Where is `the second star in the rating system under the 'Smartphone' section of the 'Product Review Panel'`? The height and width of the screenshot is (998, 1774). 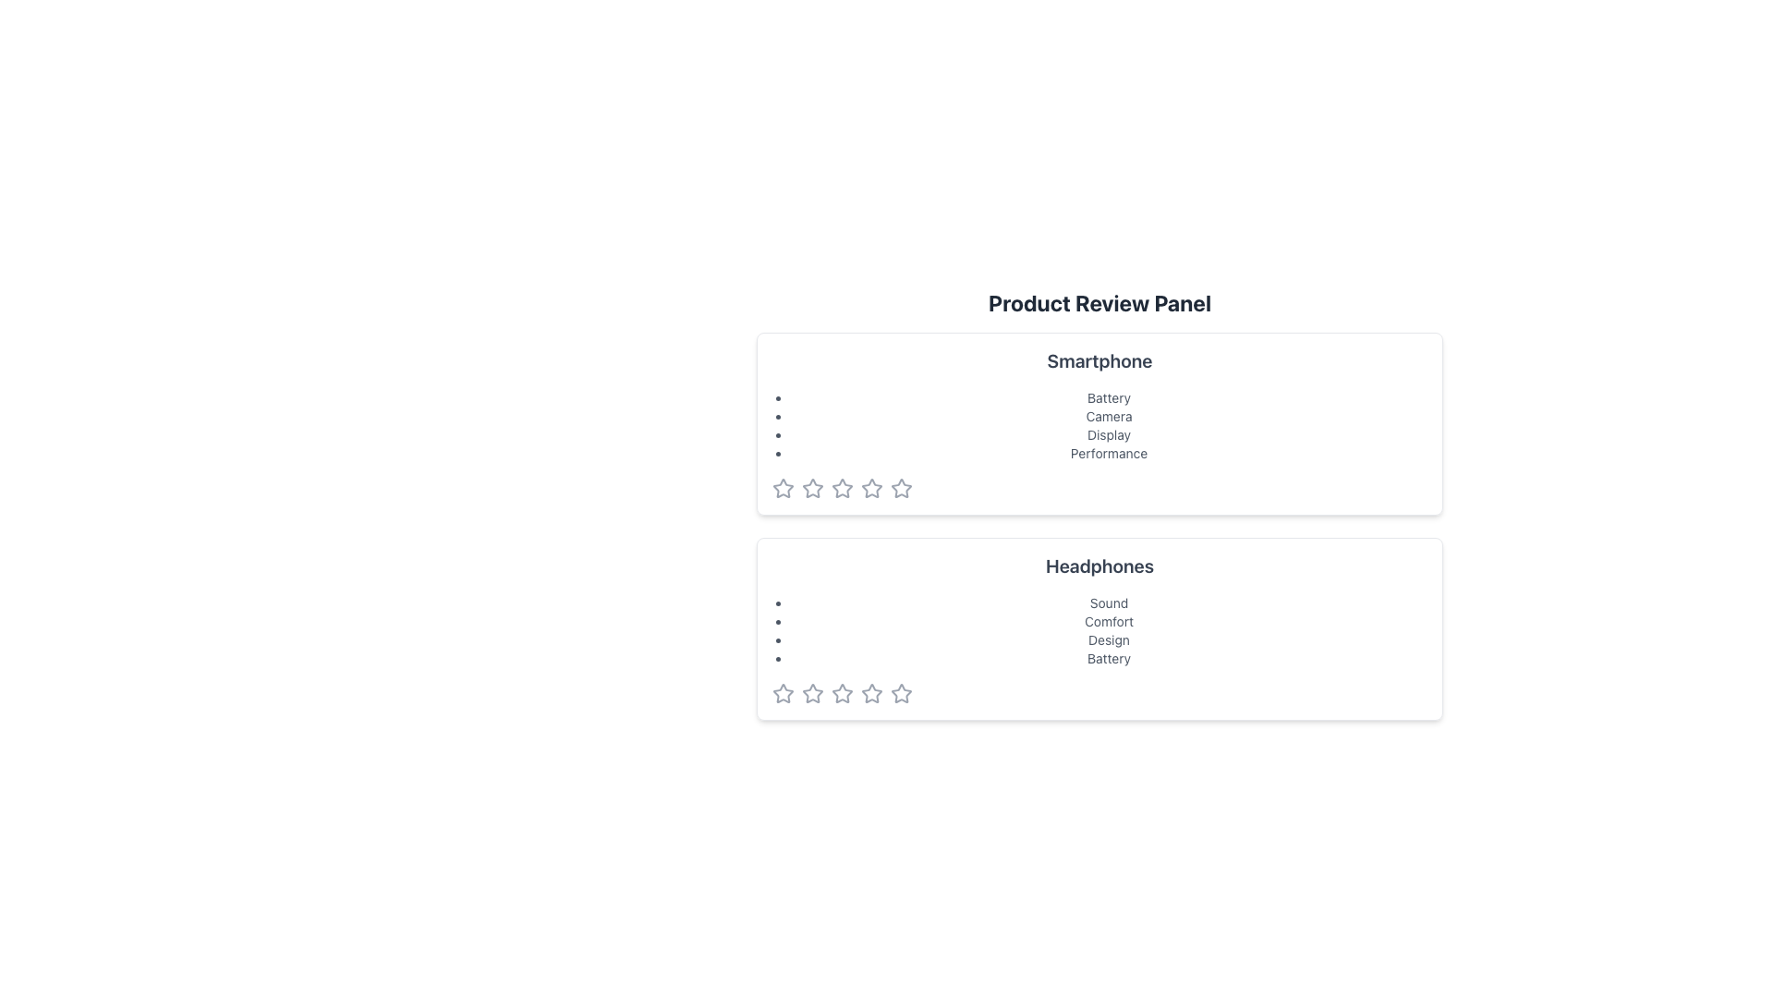 the second star in the rating system under the 'Smartphone' section of the 'Product Review Panel' is located at coordinates (812, 487).